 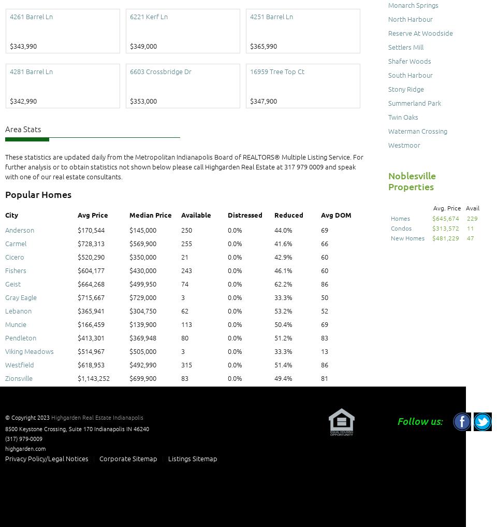 I want to click on 'South Harbour', so click(x=410, y=74).